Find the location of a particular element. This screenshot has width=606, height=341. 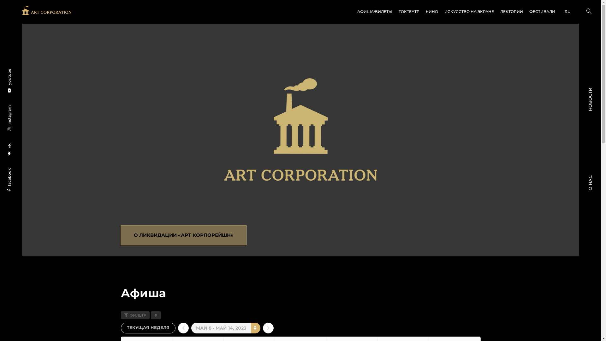

'RU' is located at coordinates (558, 12).